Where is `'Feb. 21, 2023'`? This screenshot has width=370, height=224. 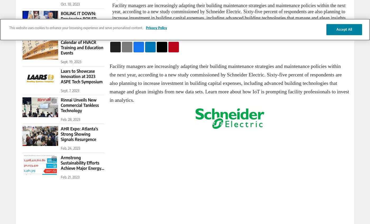 'Feb. 21, 2023' is located at coordinates (70, 177).